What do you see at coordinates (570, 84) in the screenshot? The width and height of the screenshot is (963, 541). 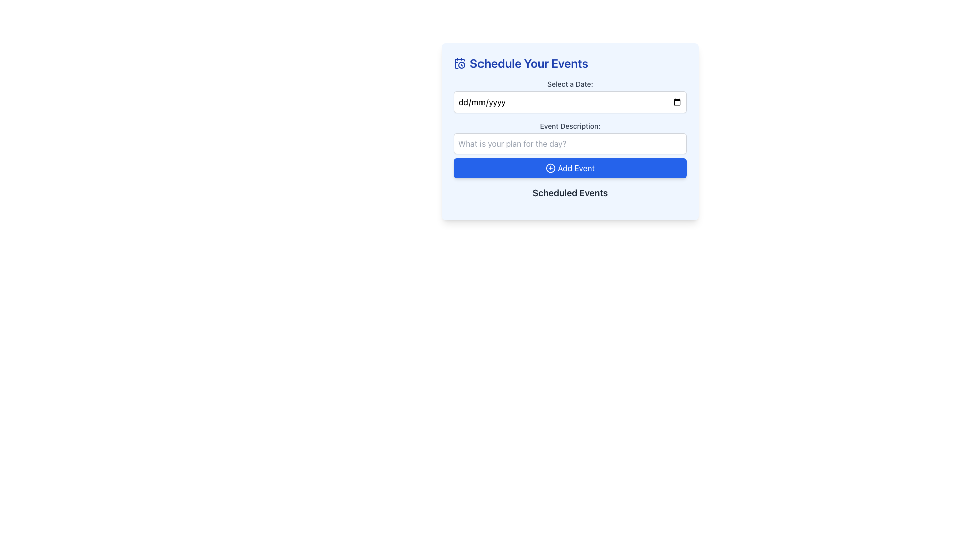 I see `the Text Label that indicates the date input field in the 'Schedule Your Events' form` at bounding box center [570, 84].